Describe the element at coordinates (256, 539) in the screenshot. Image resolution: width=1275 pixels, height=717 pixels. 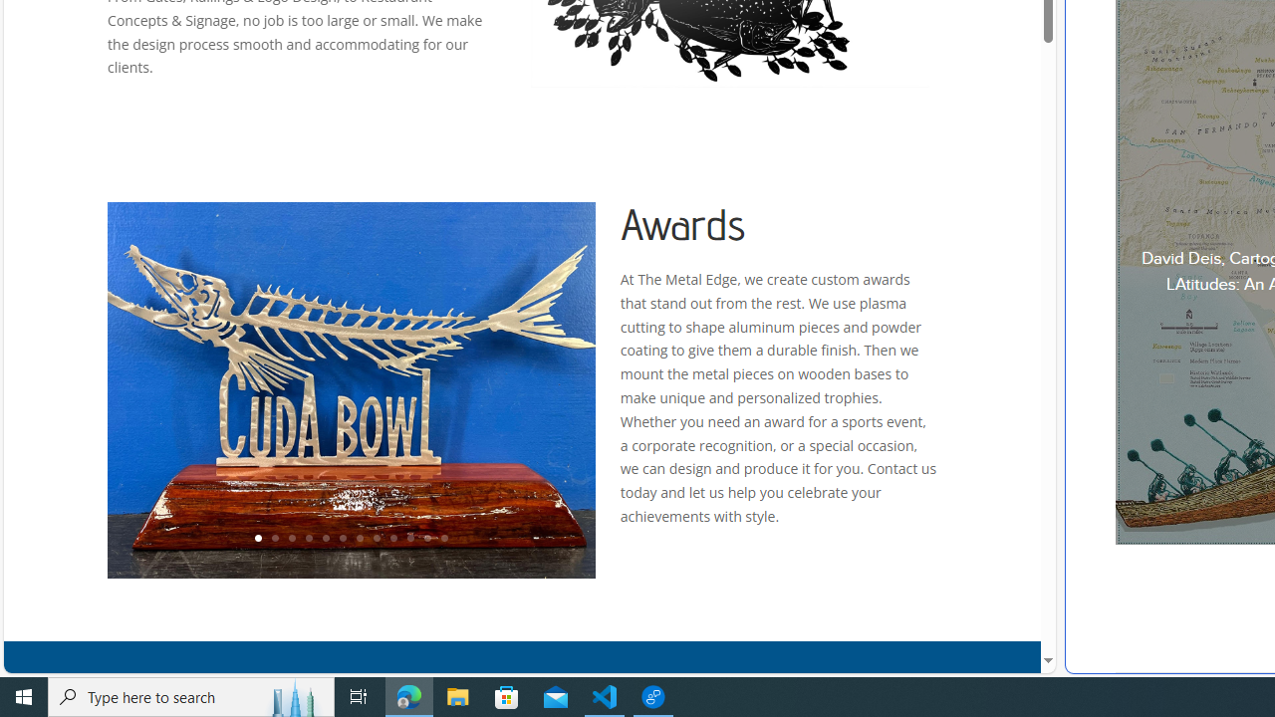
I see `'1'` at that location.